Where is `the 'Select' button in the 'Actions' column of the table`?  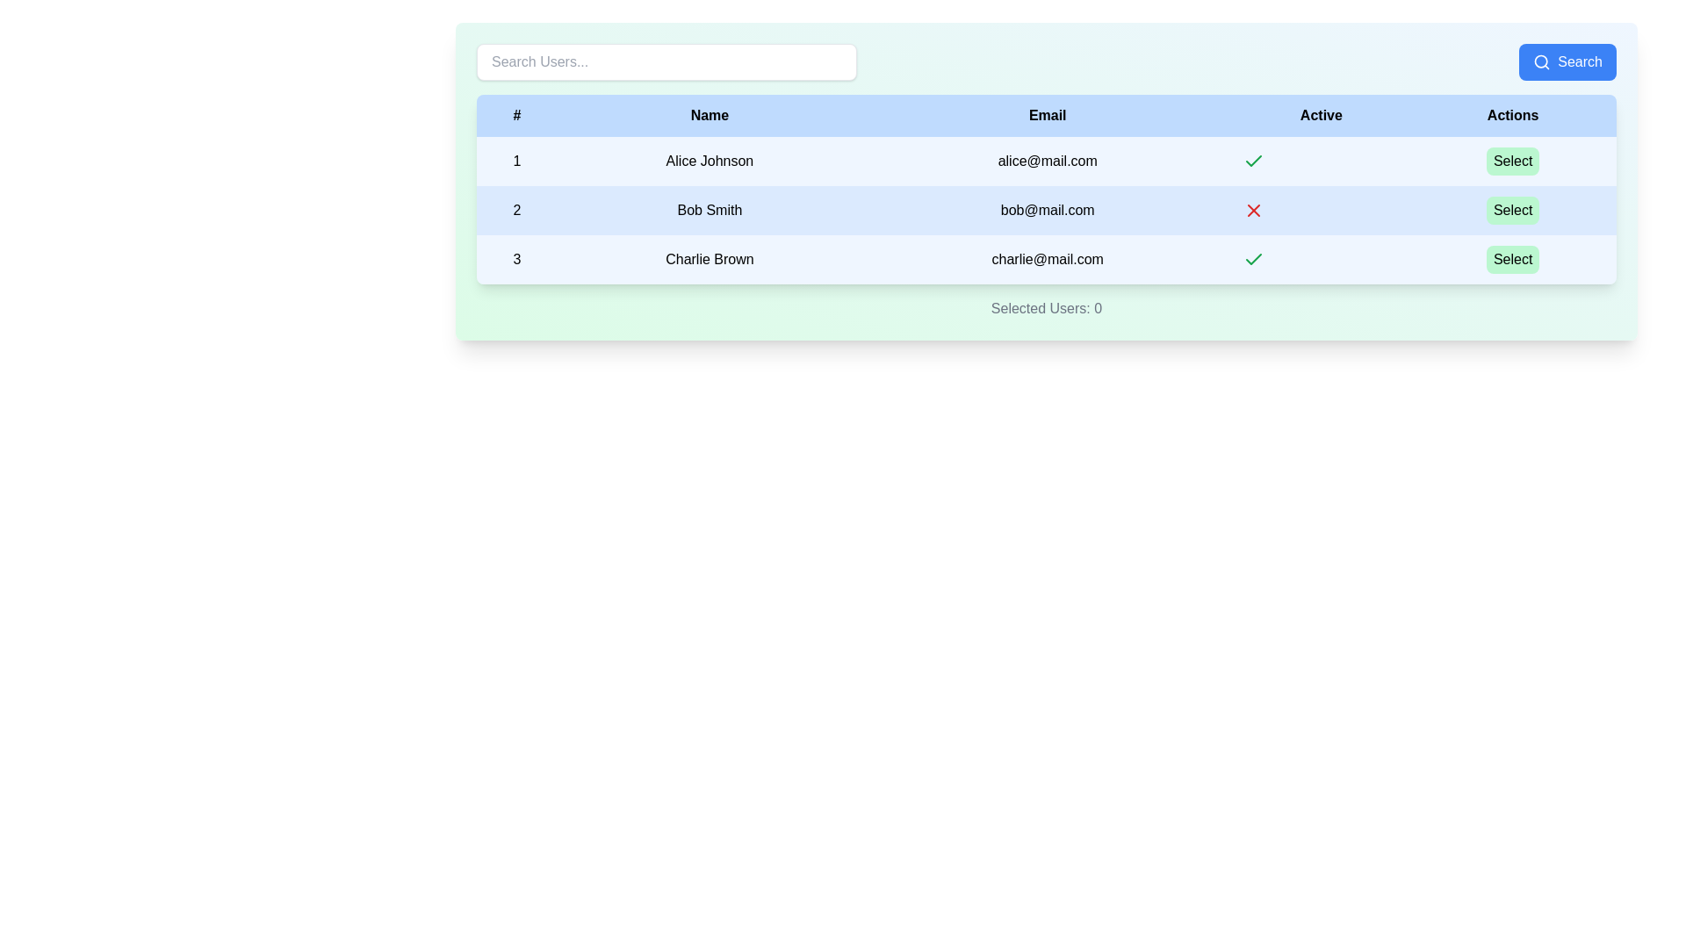 the 'Select' button in the 'Actions' column of the table is located at coordinates (1512, 209).